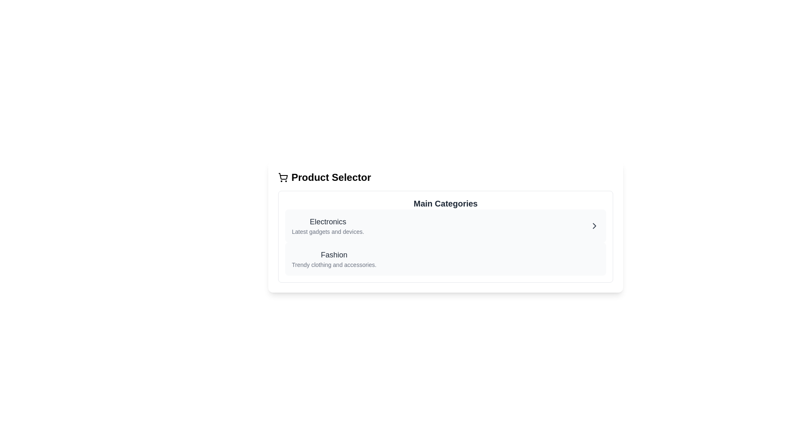  I want to click on the descriptive text label under the 'Electronics' category title in the 'Main Categories' section, which provides additional information about the category, so click(328, 231).